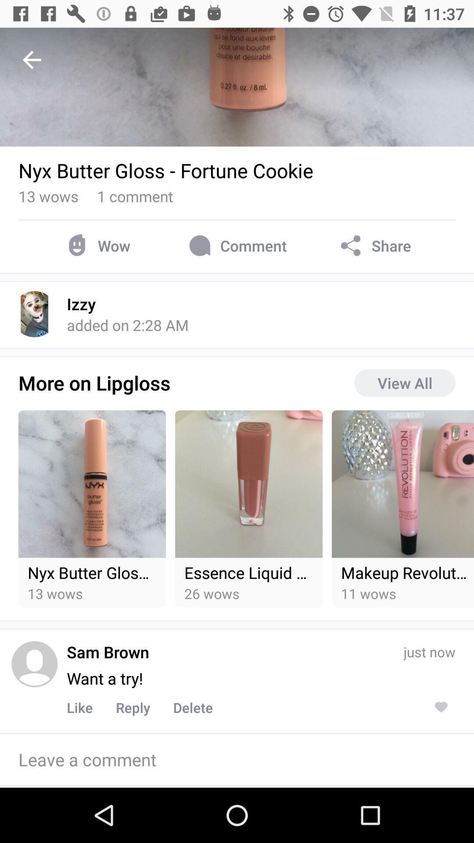  What do you see at coordinates (374, 245) in the screenshot?
I see `the icon at the top right corner` at bounding box center [374, 245].